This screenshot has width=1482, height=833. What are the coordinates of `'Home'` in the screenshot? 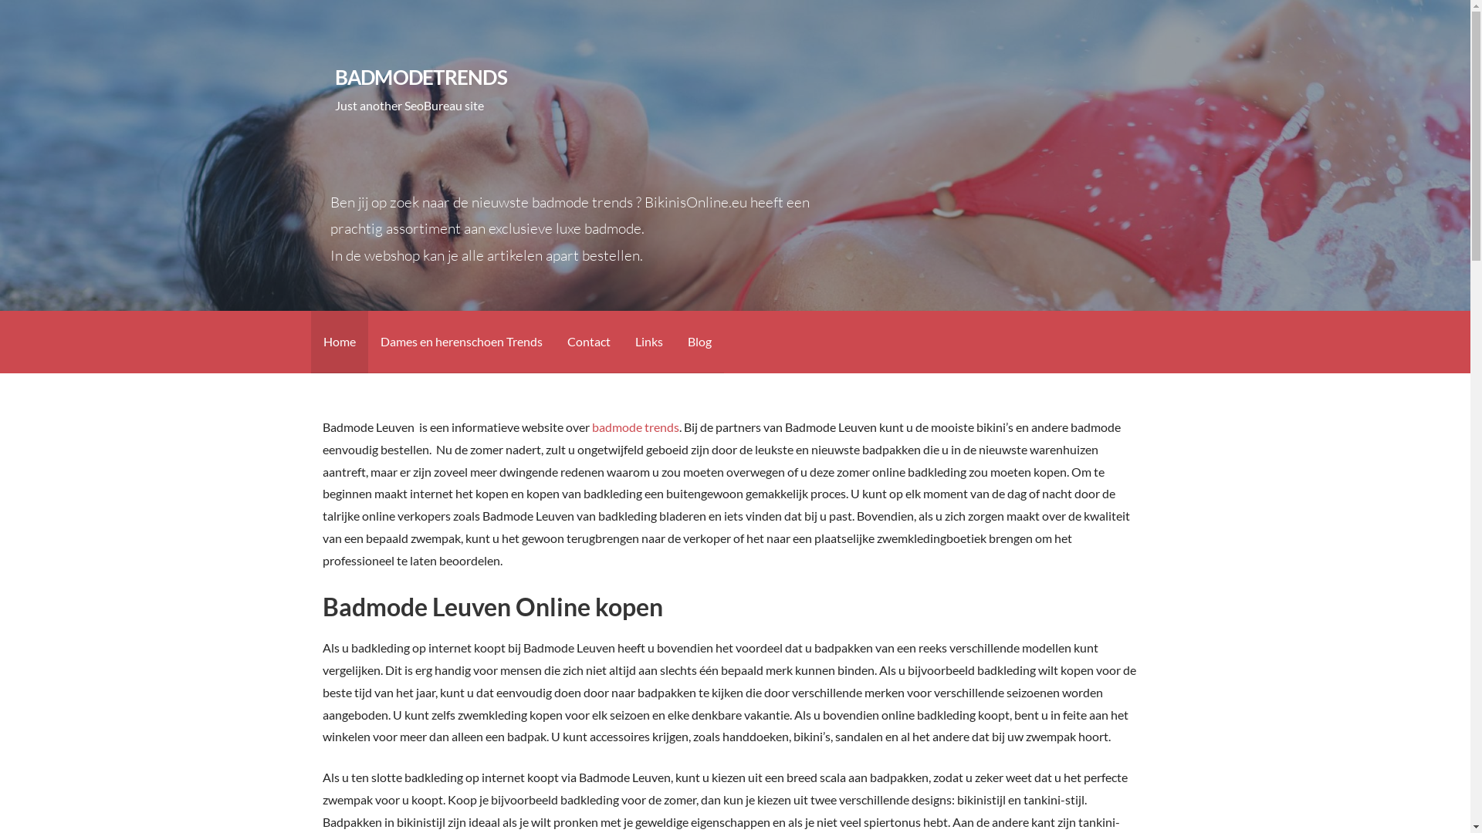 It's located at (337, 341).